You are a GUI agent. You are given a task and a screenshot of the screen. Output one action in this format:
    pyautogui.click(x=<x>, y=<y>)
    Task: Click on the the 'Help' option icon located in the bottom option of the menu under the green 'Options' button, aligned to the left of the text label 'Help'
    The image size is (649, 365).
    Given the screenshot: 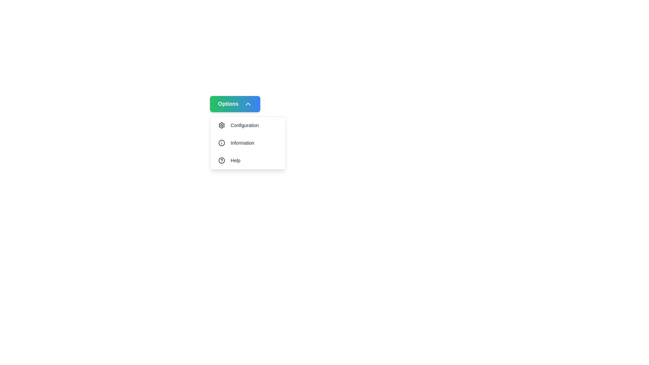 What is the action you would take?
    pyautogui.click(x=222, y=160)
    